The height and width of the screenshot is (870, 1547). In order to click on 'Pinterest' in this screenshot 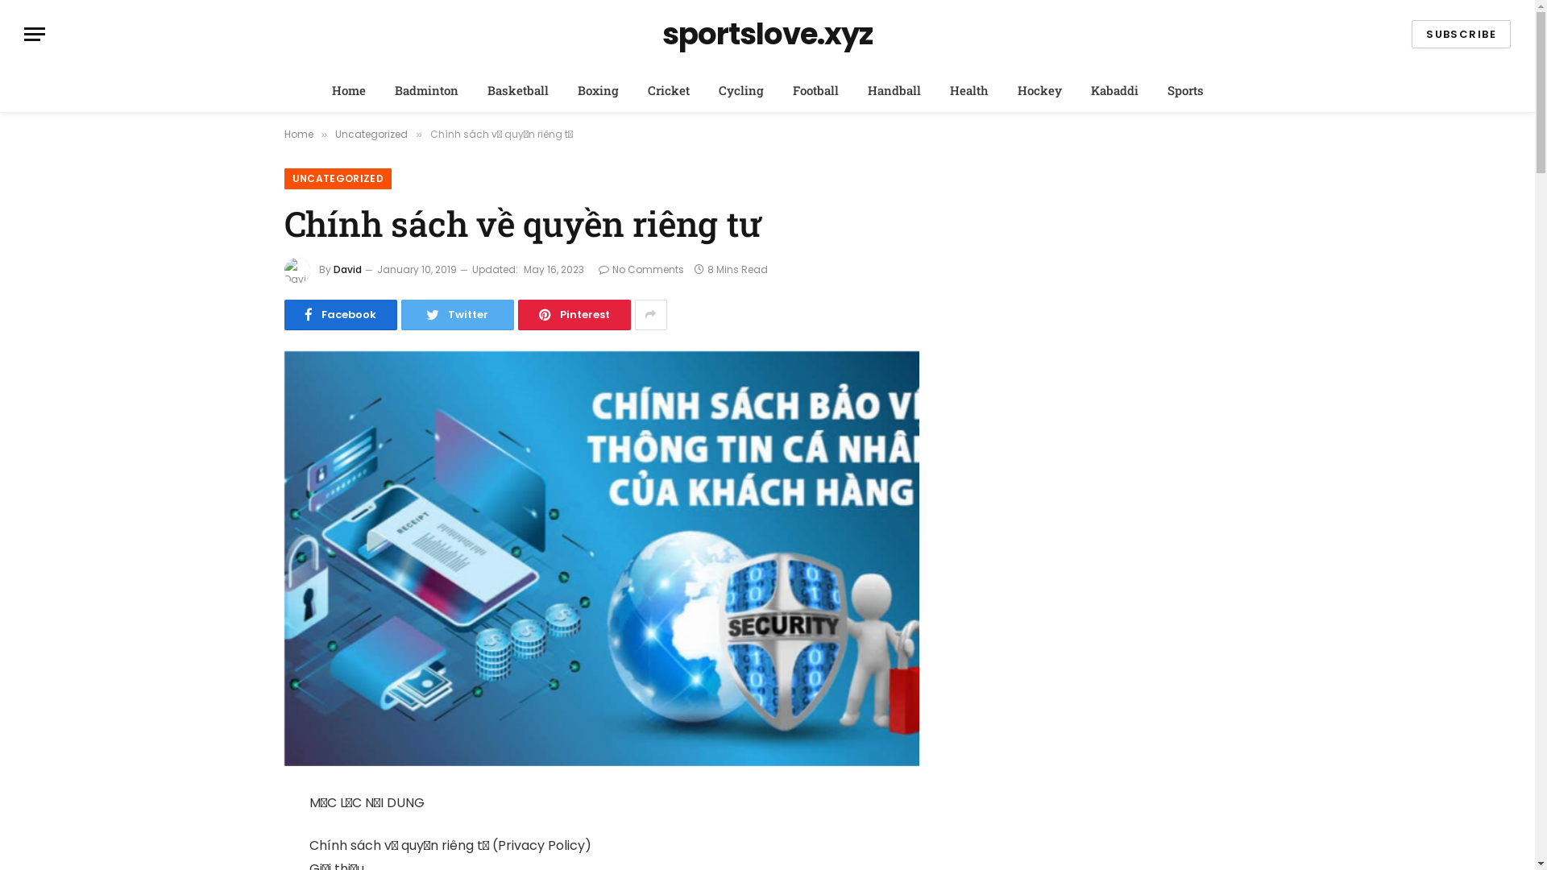, I will do `click(573, 314)`.